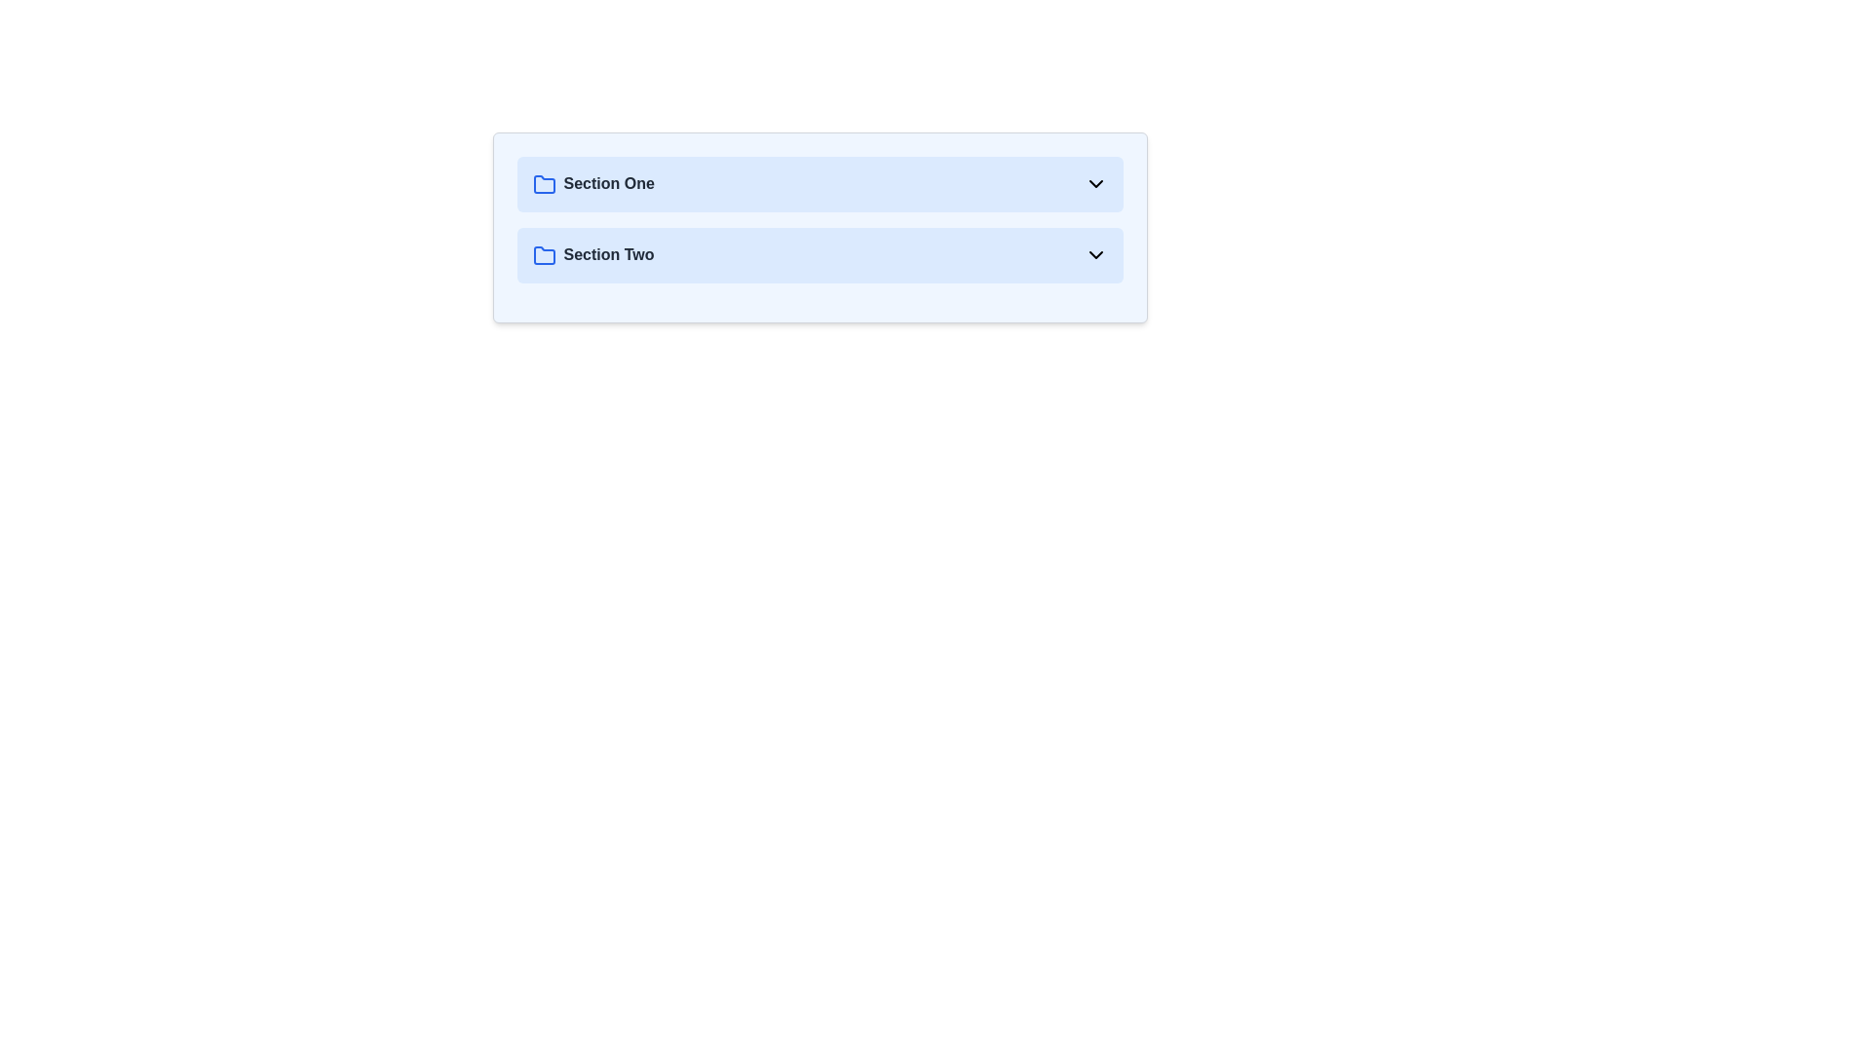  Describe the element at coordinates (608, 183) in the screenshot. I see `text label identifying the first content category labeled 'Section One' located at the top of the vertical list of section headers` at that location.